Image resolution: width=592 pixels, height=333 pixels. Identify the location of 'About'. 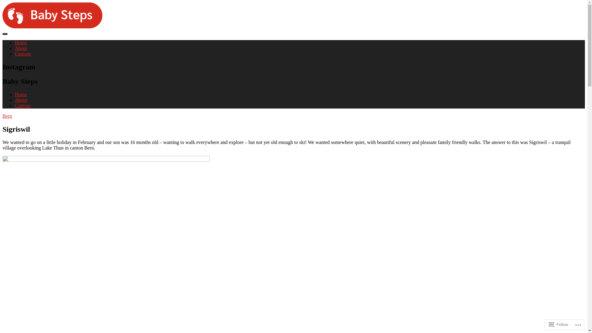
(21, 48).